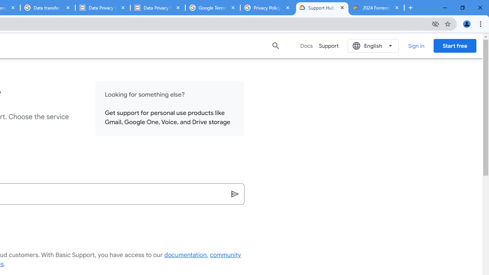 The image size is (489, 275). Describe the element at coordinates (306, 45) in the screenshot. I see `'Docs'` at that location.